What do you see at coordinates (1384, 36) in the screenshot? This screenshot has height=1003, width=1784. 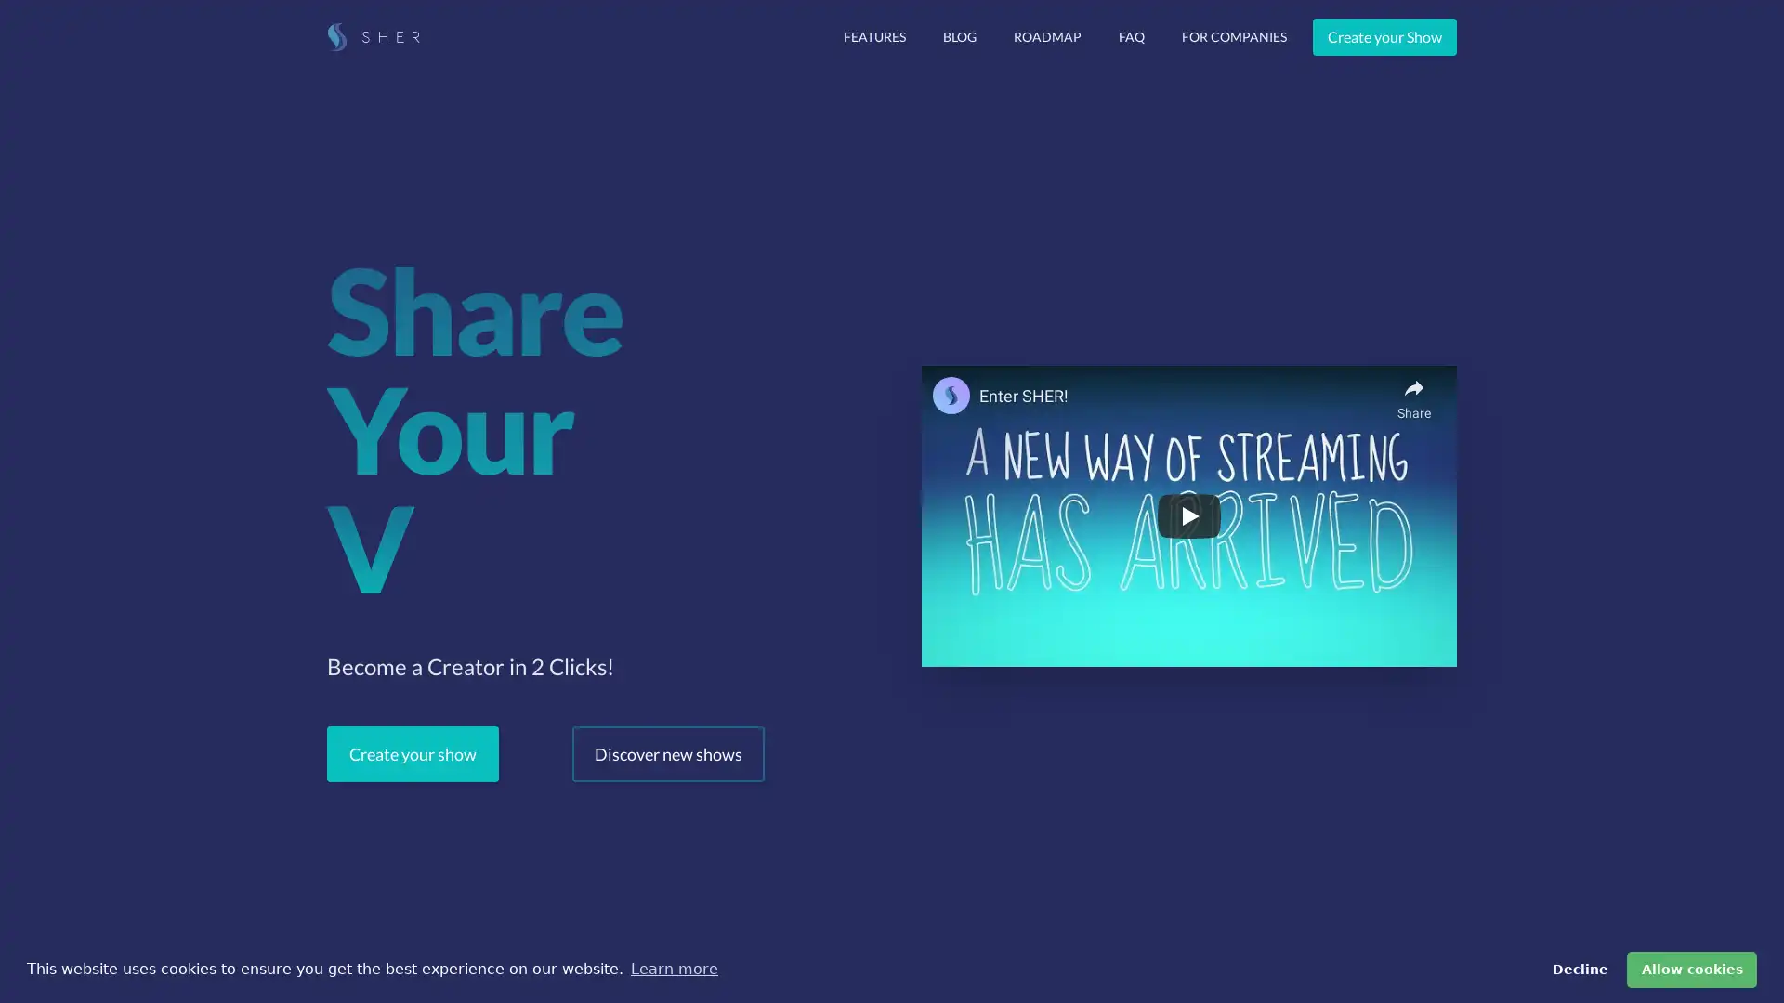 I see `Create your Show` at bounding box center [1384, 36].